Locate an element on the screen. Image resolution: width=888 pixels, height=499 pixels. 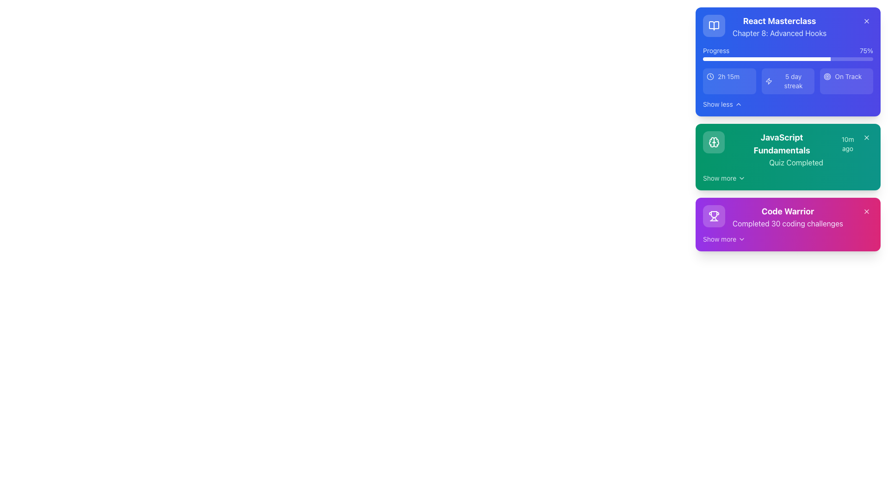
the 'Show more' text button located at the bottom of the 'Code Warrior' card is located at coordinates (719, 238).